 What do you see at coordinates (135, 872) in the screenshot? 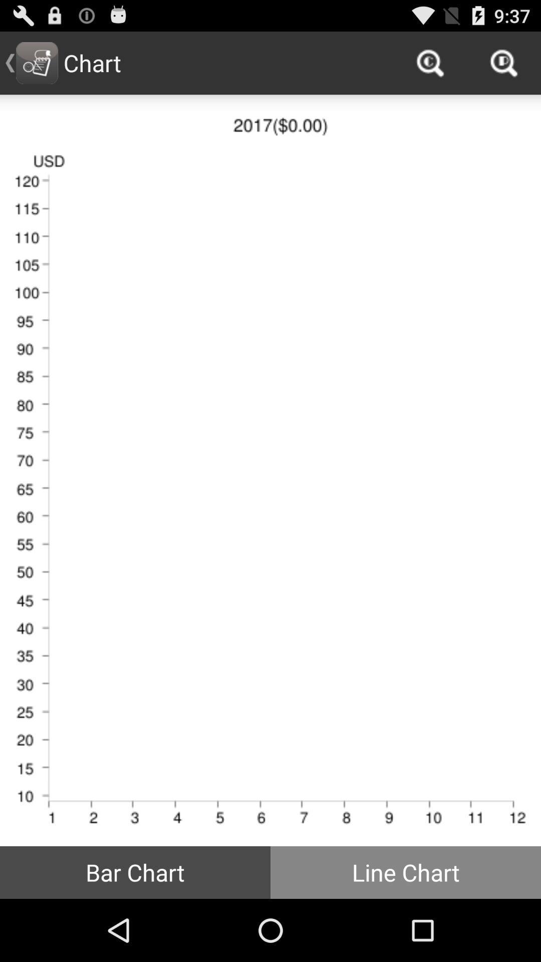
I see `the icon at the bottom left corner` at bounding box center [135, 872].